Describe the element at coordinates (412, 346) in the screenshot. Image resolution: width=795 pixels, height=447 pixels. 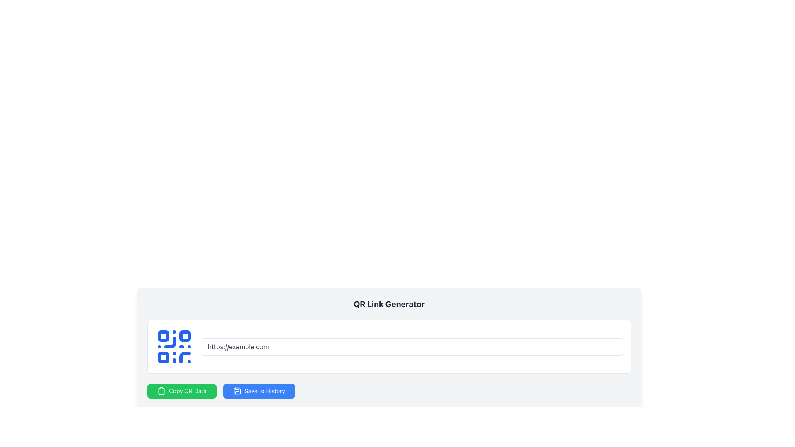
I see `to move the content within the horizontal text input field styled with rounded corners, light gray borders, and pre-filled with 'https://example.com'` at that location.